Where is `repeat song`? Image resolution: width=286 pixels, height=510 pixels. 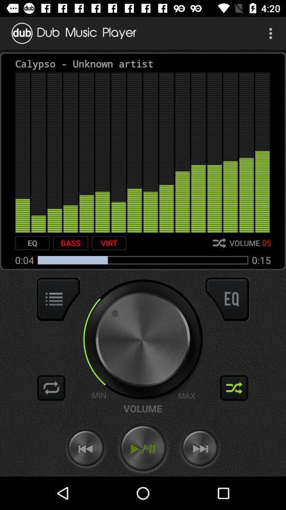 repeat song is located at coordinates (51, 387).